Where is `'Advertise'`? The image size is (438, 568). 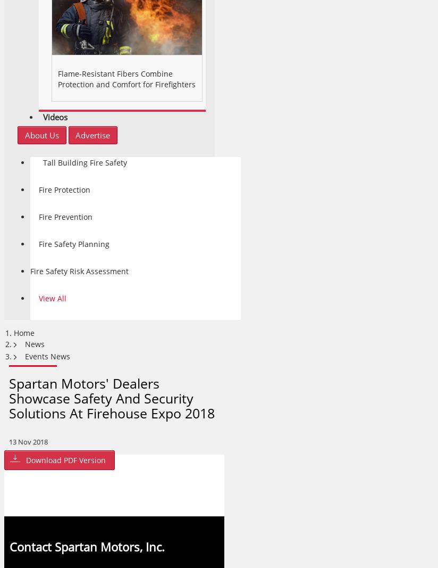 'Advertise' is located at coordinates (92, 135).